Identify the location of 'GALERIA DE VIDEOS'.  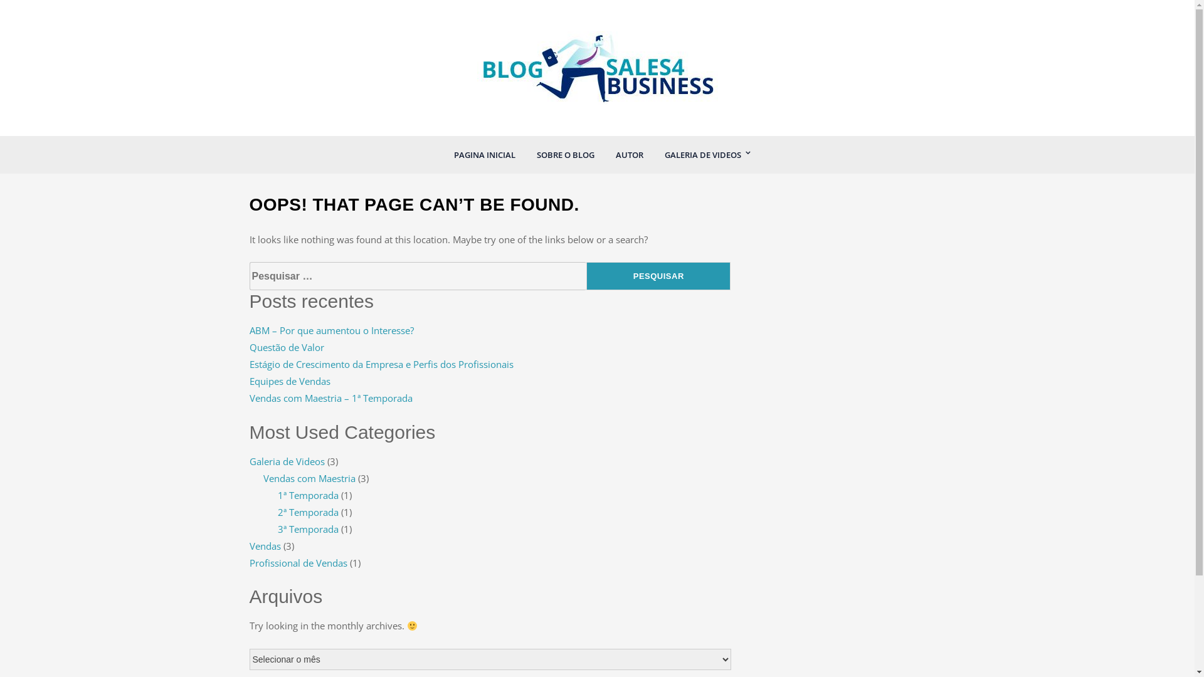
(701, 154).